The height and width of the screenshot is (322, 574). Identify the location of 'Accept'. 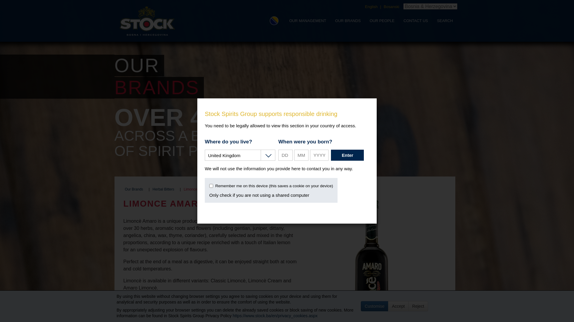
(398, 306).